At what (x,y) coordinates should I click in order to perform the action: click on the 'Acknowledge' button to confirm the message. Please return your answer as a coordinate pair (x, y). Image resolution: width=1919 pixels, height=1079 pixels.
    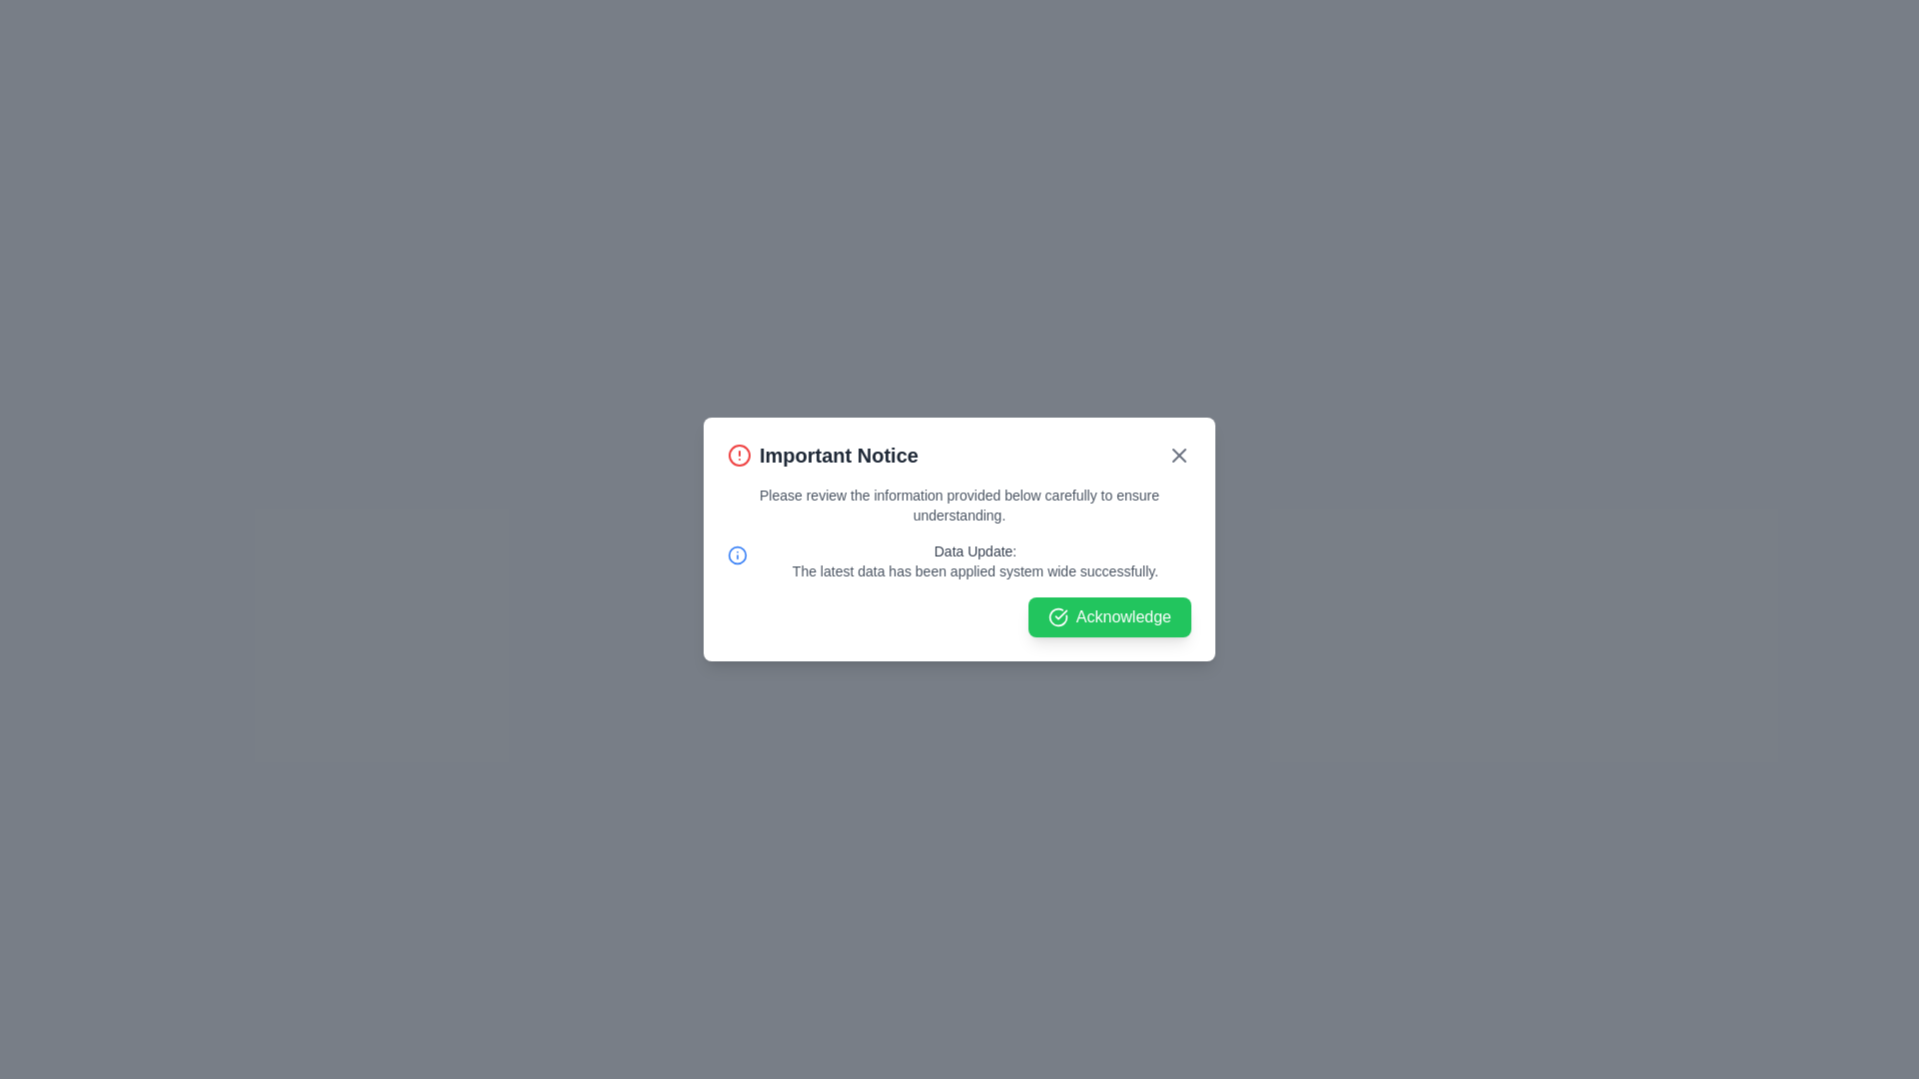
    Looking at the image, I should click on (1107, 615).